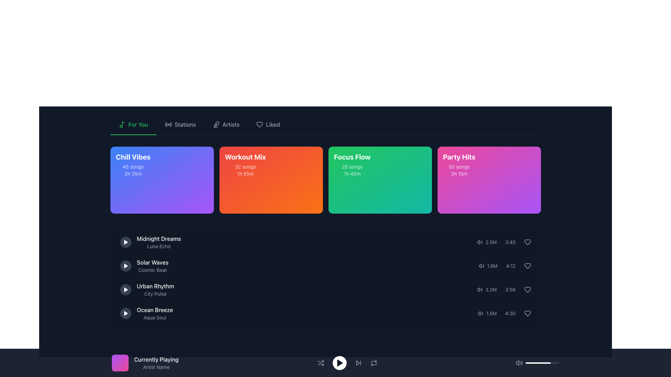  I want to click on the 'Workout Mix' card, which has a gradient background from red to orange and displays 'Workout Mix' in bold large text, so click(270, 180).